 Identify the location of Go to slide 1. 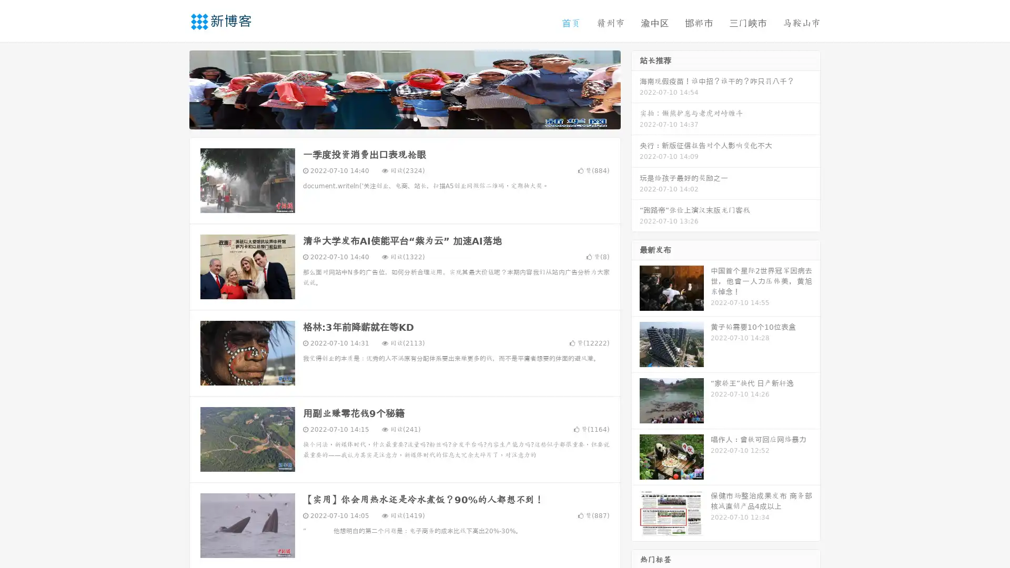
(393, 118).